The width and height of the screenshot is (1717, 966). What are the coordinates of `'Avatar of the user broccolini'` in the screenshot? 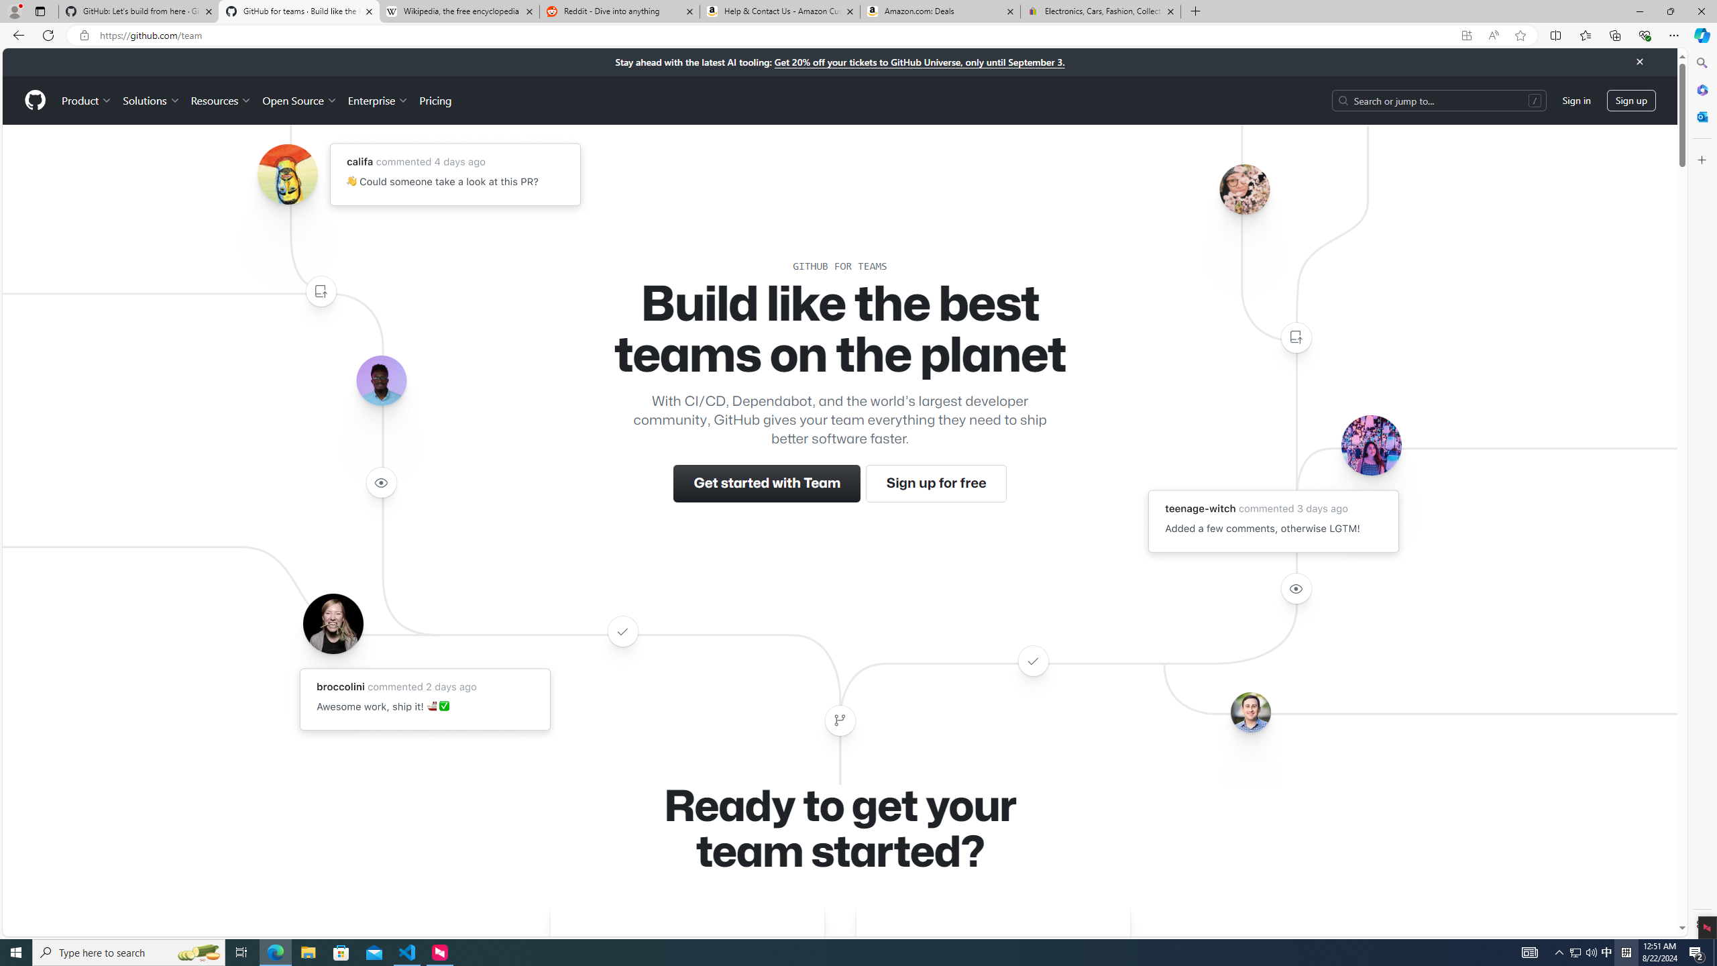 It's located at (333, 623).